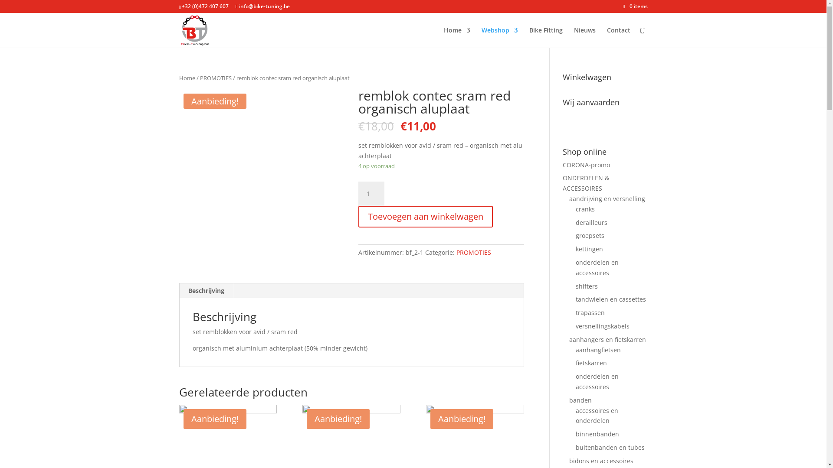 The height and width of the screenshot is (468, 833). What do you see at coordinates (586, 182) in the screenshot?
I see `'ONDERDELEN & ACCESSOIRES'` at bounding box center [586, 182].